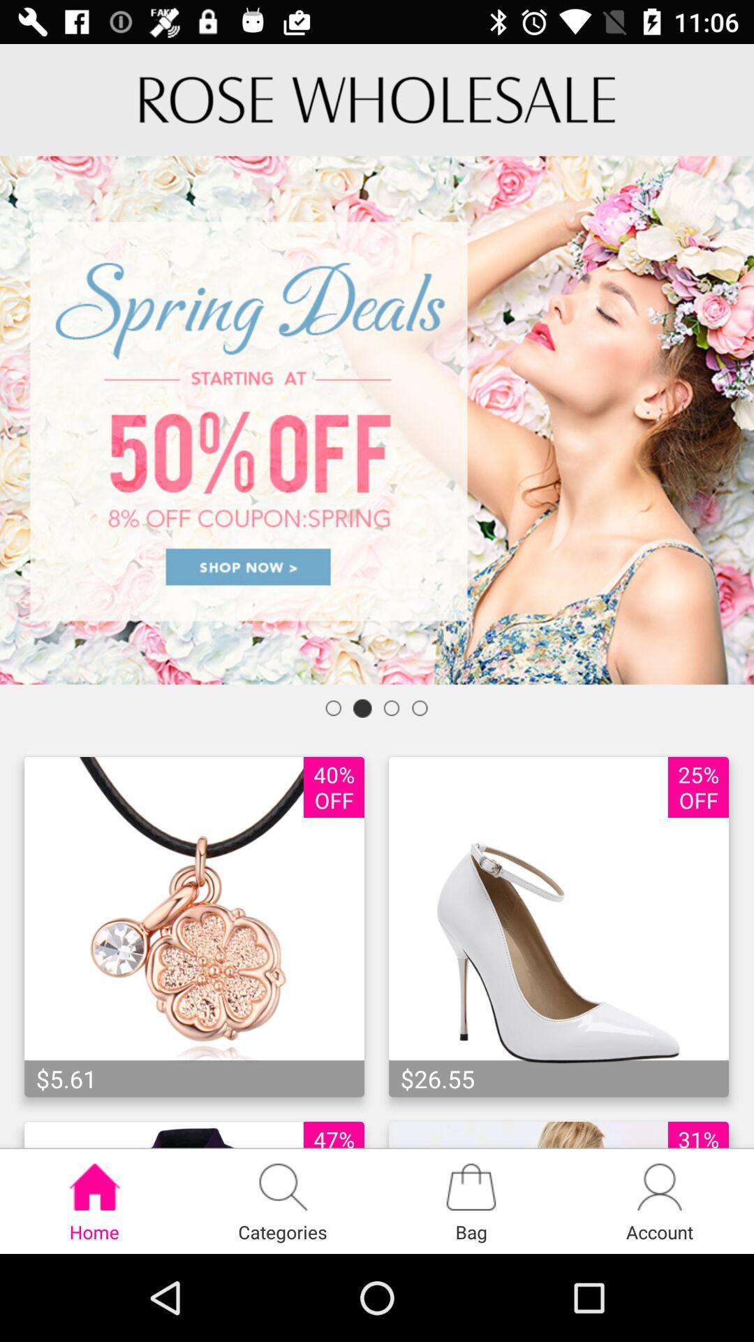  I want to click on bag with its symbol, so click(471, 1200).